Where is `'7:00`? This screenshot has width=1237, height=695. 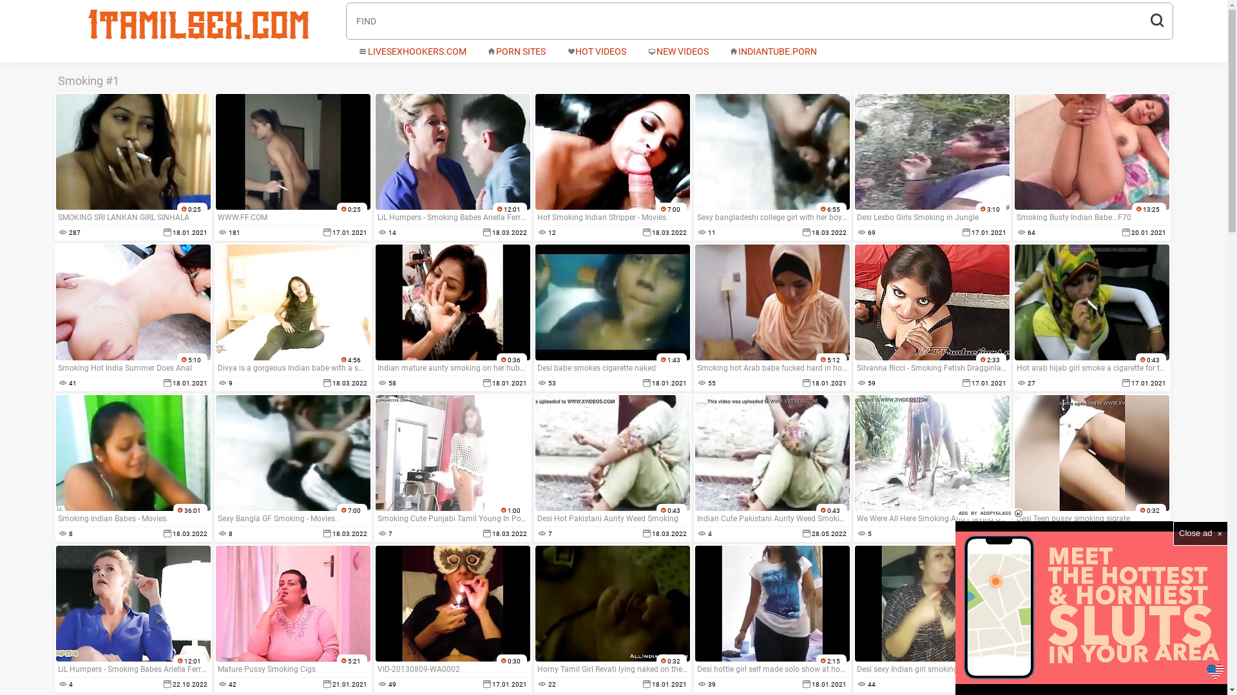
'7:00 is located at coordinates (535, 165).